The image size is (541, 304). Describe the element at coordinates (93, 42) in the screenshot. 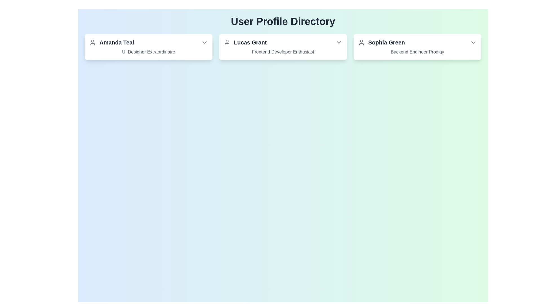

I see `the user icon representing 'Amanda Teal'` at that location.